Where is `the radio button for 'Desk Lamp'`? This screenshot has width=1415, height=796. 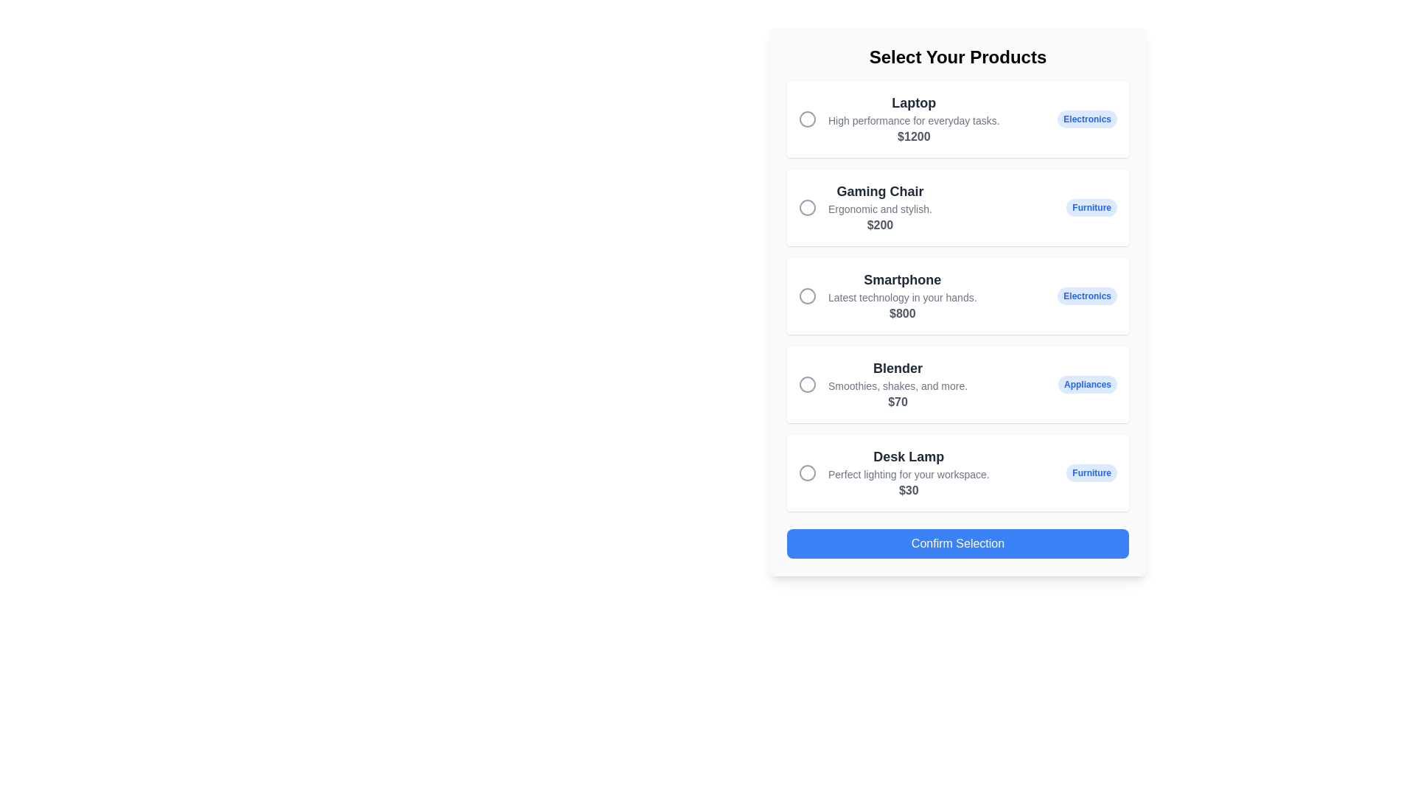
the radio button for 'Desk Lamp' is located at coordinates (806, 472).